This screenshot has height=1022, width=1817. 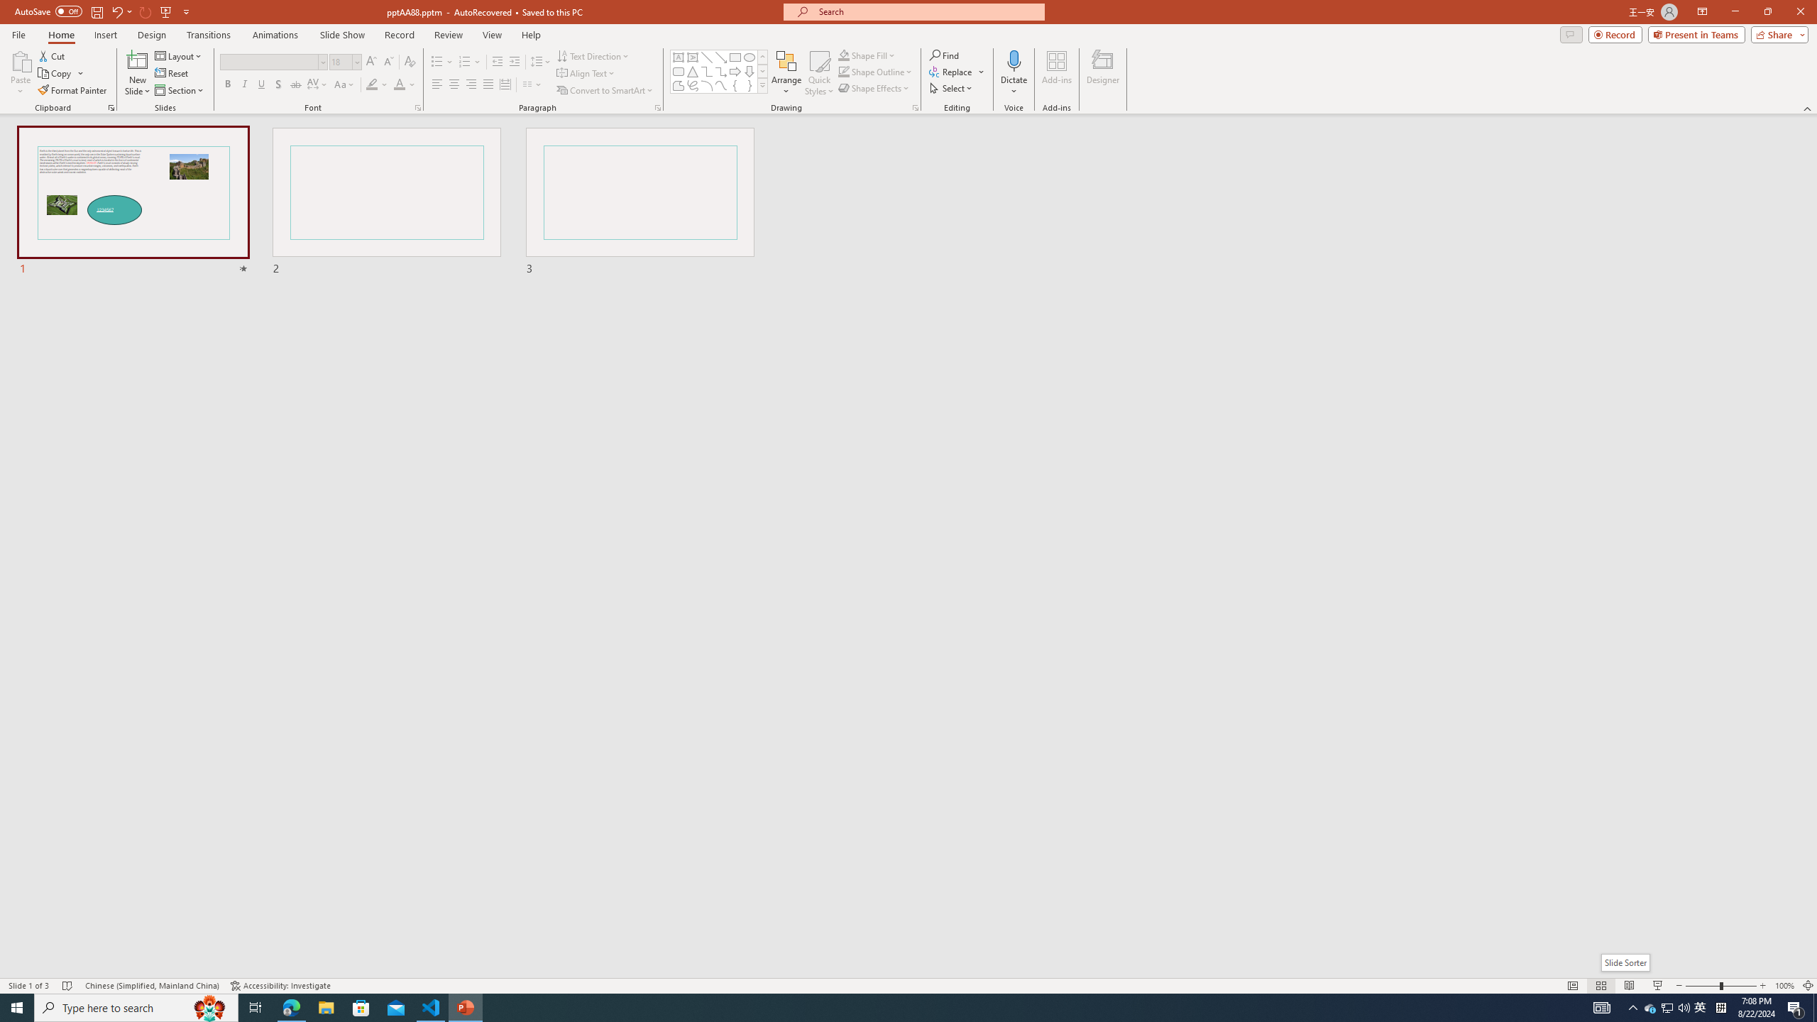 I want to click on 'Bullets', so click(x=437, y=62).